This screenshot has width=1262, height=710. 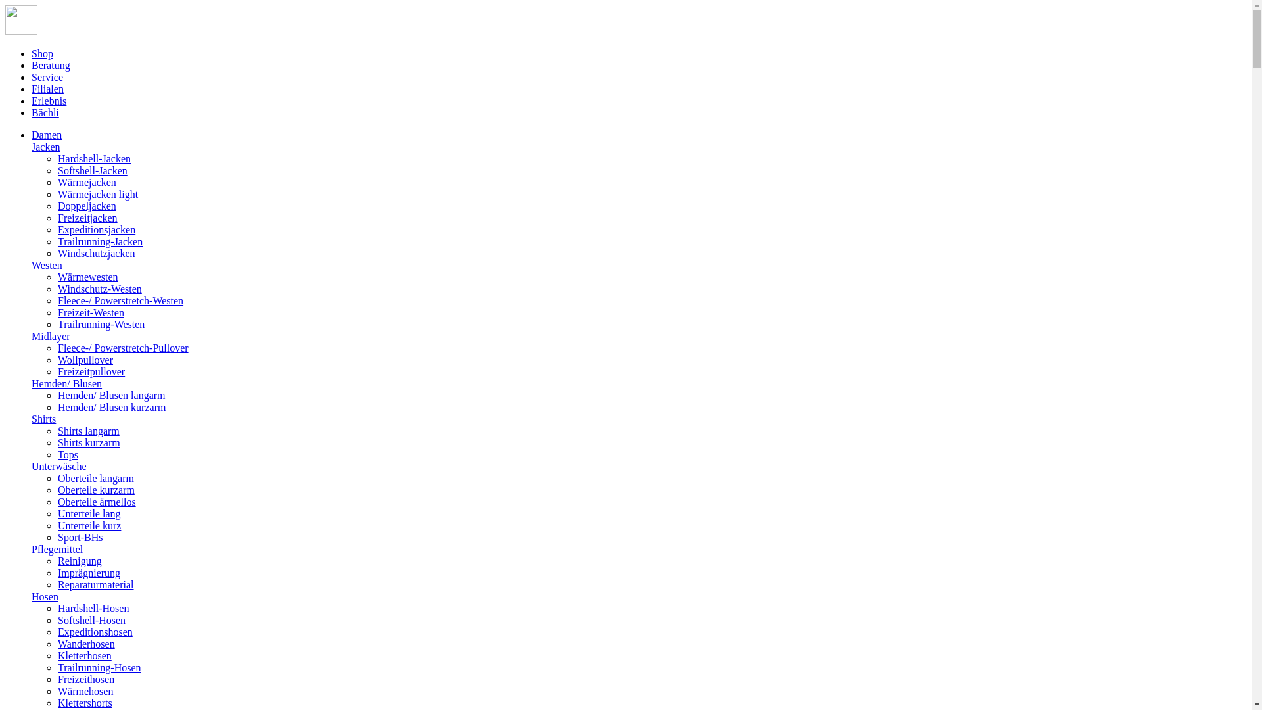 What do you see at coordinates (85, 679) in the screenshot?
I see `'Freizeithosen'` at bounding box center [85, 679].